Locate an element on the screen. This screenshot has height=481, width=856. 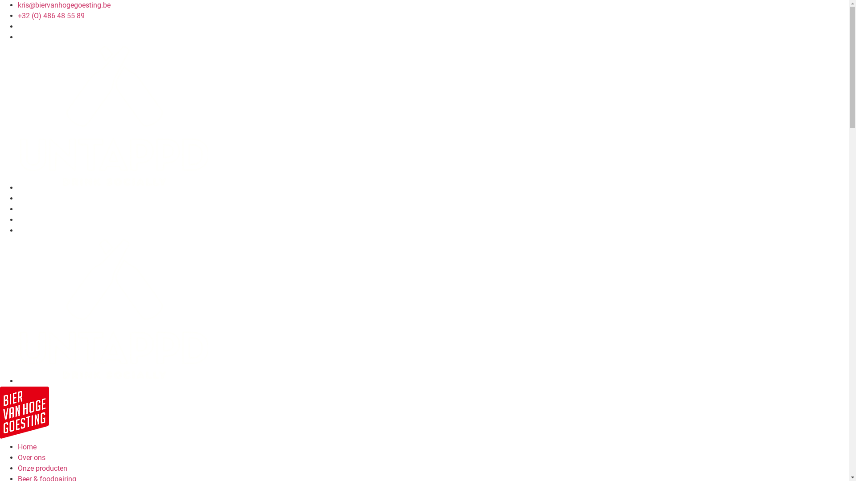
'kris@biervanhogegoesting.be' is located at coordinates (64, 5).